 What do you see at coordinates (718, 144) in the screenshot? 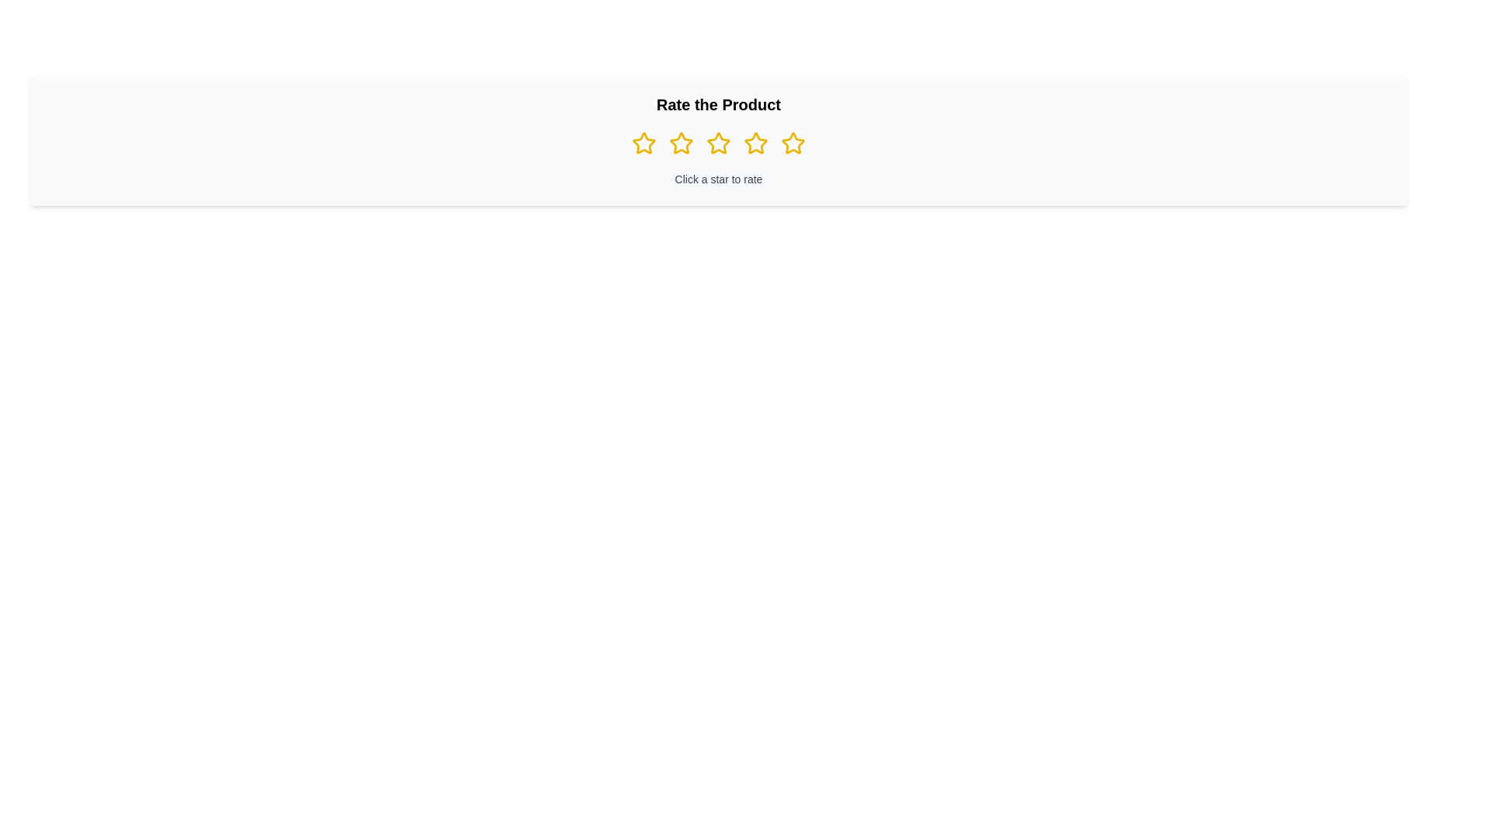
I see `the middle third star icon, which is styled with a yellow outline and hollow center, to rate` at bounding box center [718, 144].